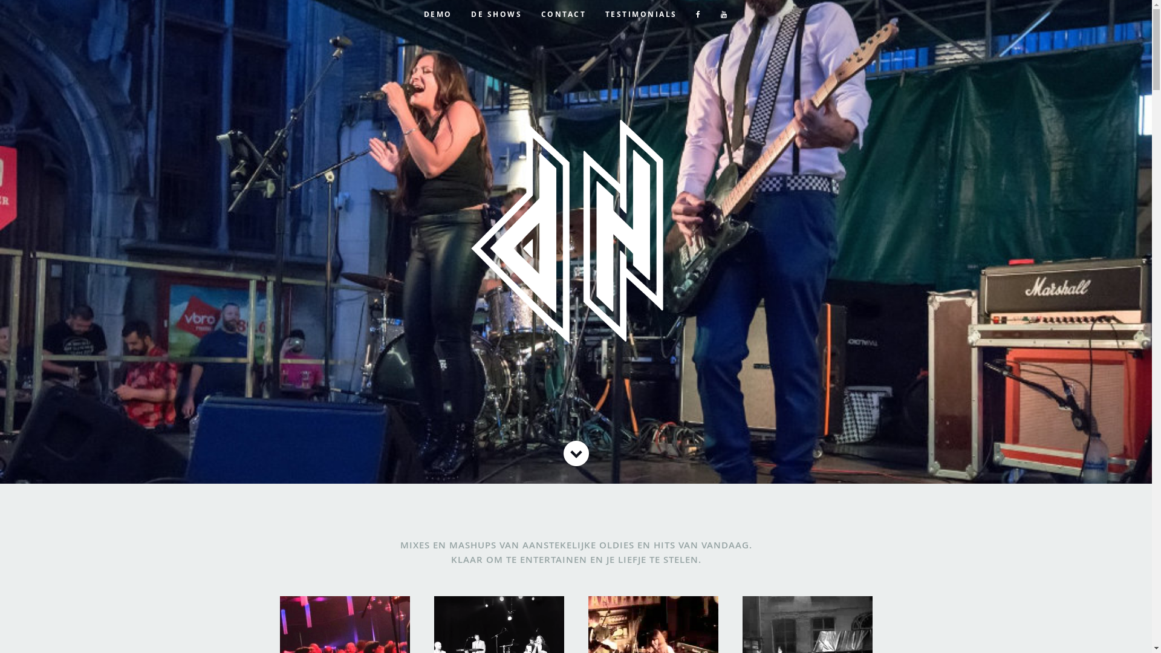 The width and height of the screenshot is (1161, 653). I want to click on 'DEMO', so click(437, 14).